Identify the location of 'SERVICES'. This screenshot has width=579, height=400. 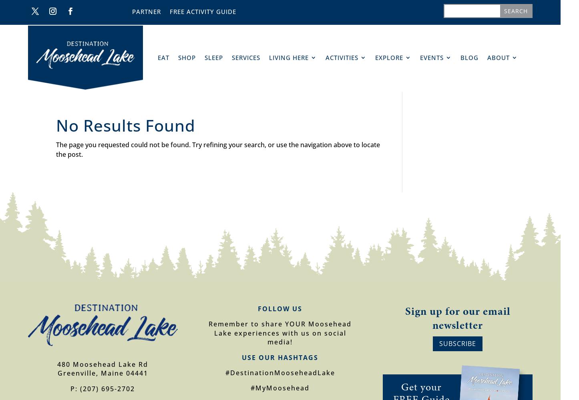
(246, 58).